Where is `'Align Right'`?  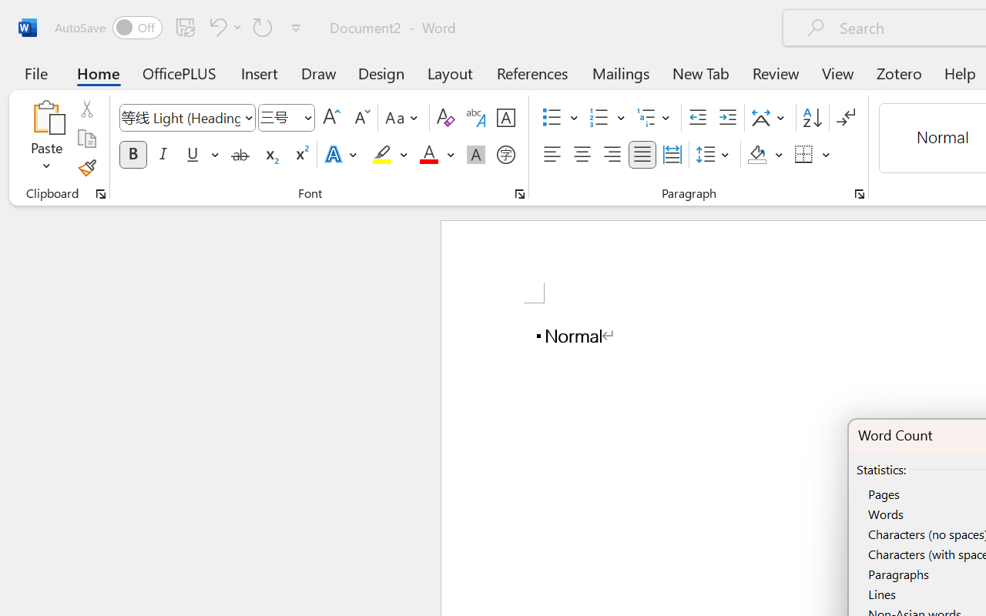 'Align Right' is located at coordinates (611, 155).